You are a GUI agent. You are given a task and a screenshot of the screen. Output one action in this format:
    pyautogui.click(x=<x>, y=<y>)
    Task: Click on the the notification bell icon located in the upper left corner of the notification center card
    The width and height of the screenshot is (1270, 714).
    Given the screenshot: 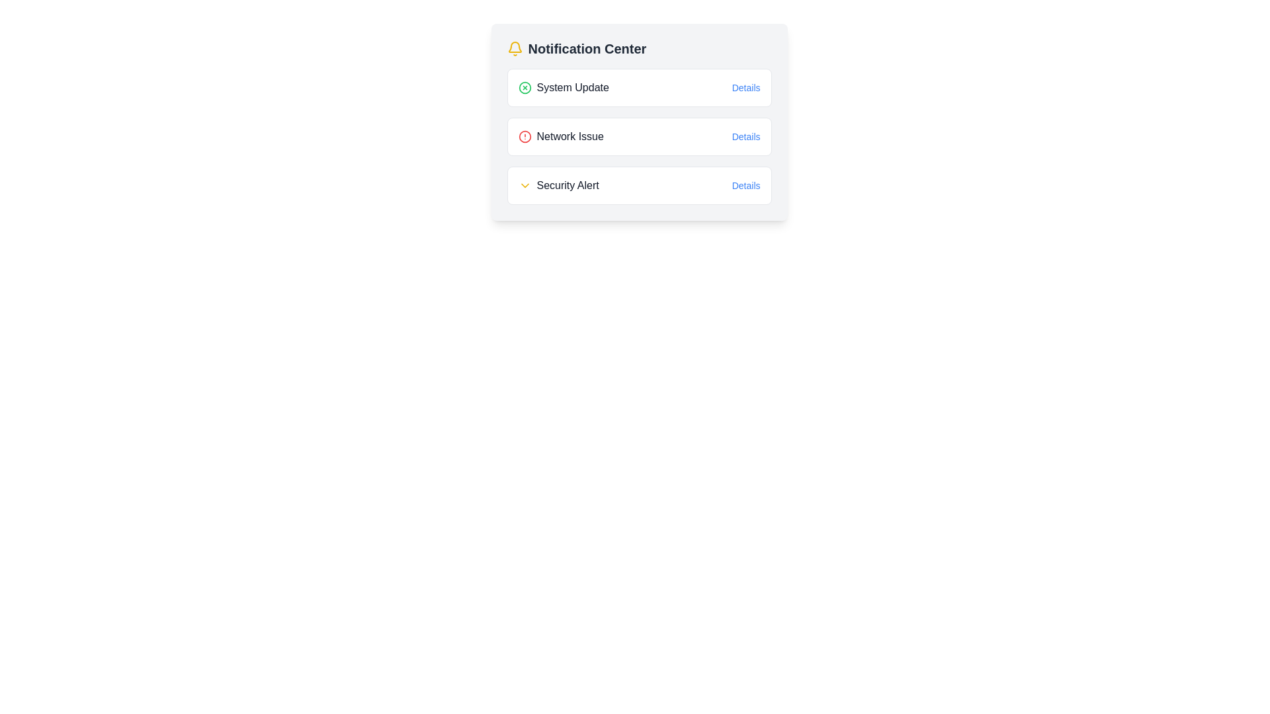 What is the action you would take?
    pyautogui.click(x=514, y=46)
    